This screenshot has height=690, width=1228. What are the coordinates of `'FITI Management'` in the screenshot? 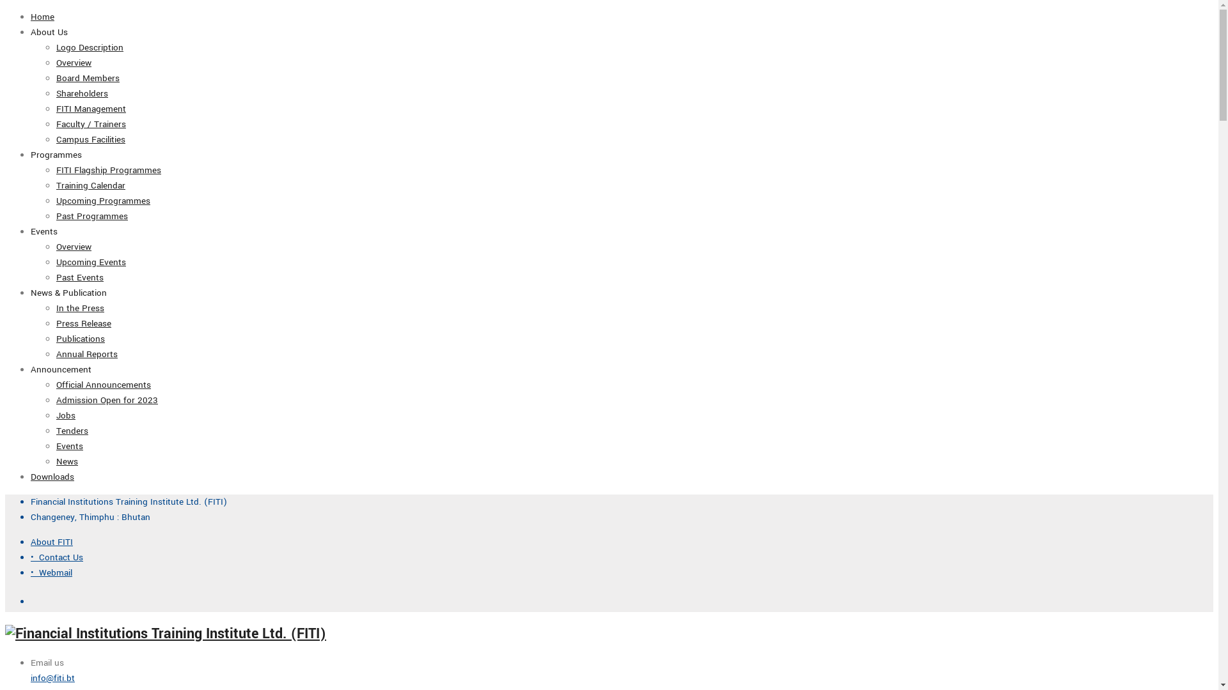 It's located at (90, 108).